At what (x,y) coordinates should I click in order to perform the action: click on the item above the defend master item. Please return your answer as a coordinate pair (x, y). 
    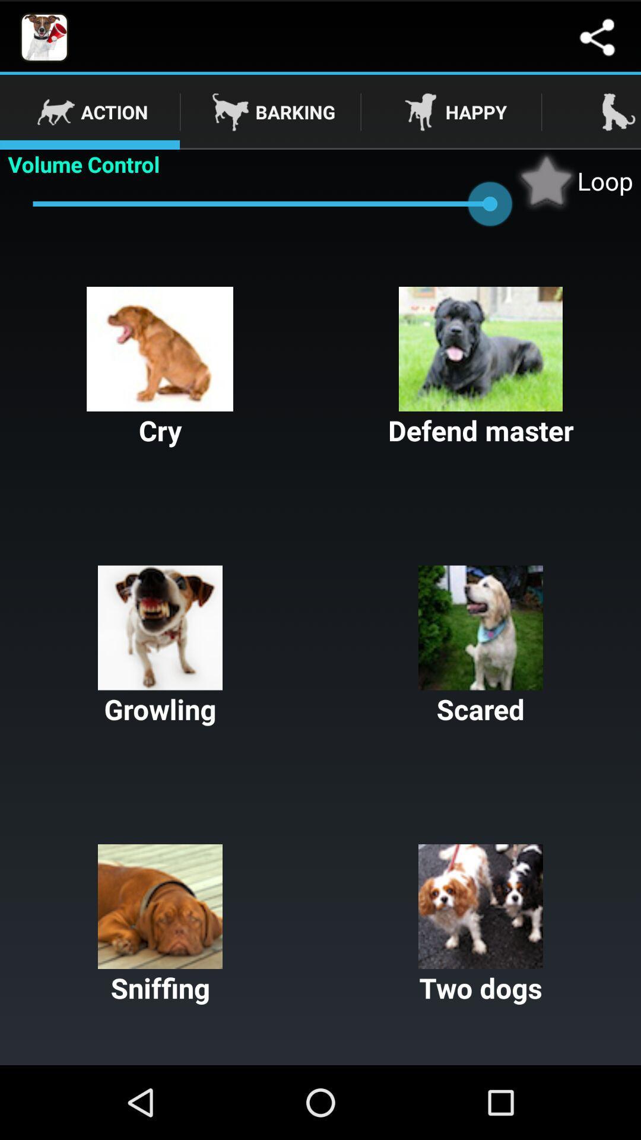
    Looking at the image, I should click on (573, 180).